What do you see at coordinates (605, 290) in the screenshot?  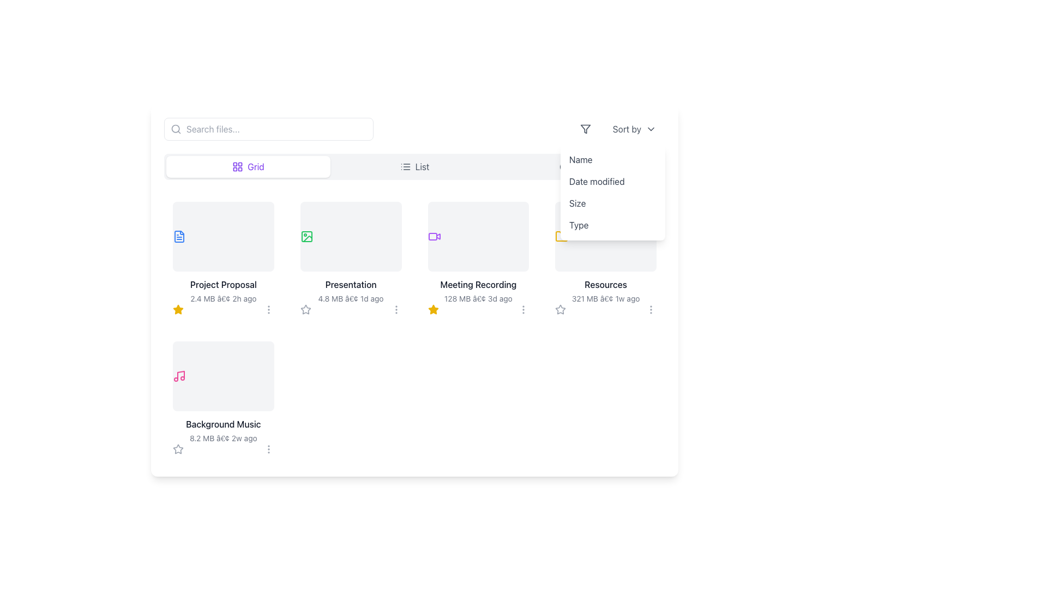 I see `the labeled metadata display for the file named 'Resources'` at bounding box center [605, 290].